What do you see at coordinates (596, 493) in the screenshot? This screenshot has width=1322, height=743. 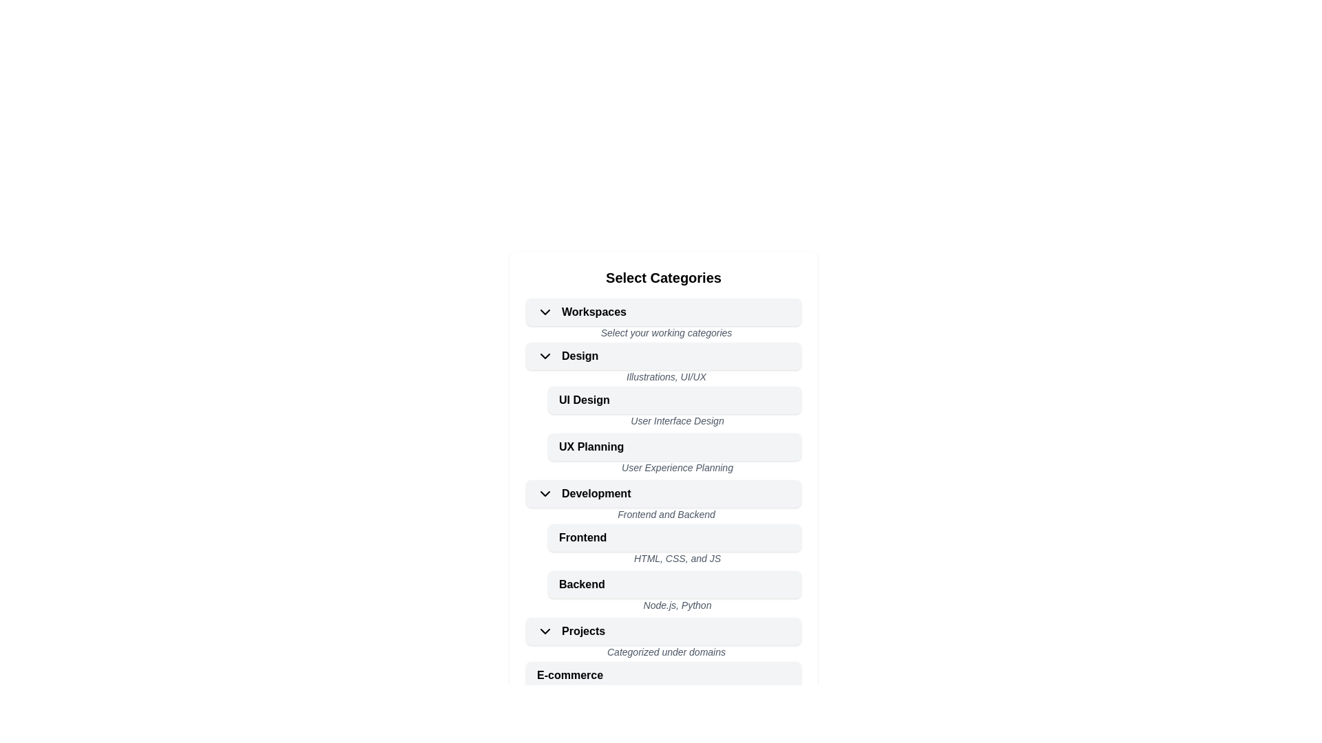 I see `the 'Development' text label which indicates the content related to development topics, located in the 'Design' section between 'UX Planning' and 'Frontend'` at bounding box center [596, 493].